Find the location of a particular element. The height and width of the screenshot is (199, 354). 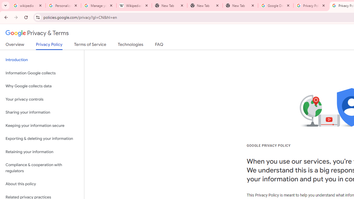

'Technologies' is located at coordinates (130, 45).